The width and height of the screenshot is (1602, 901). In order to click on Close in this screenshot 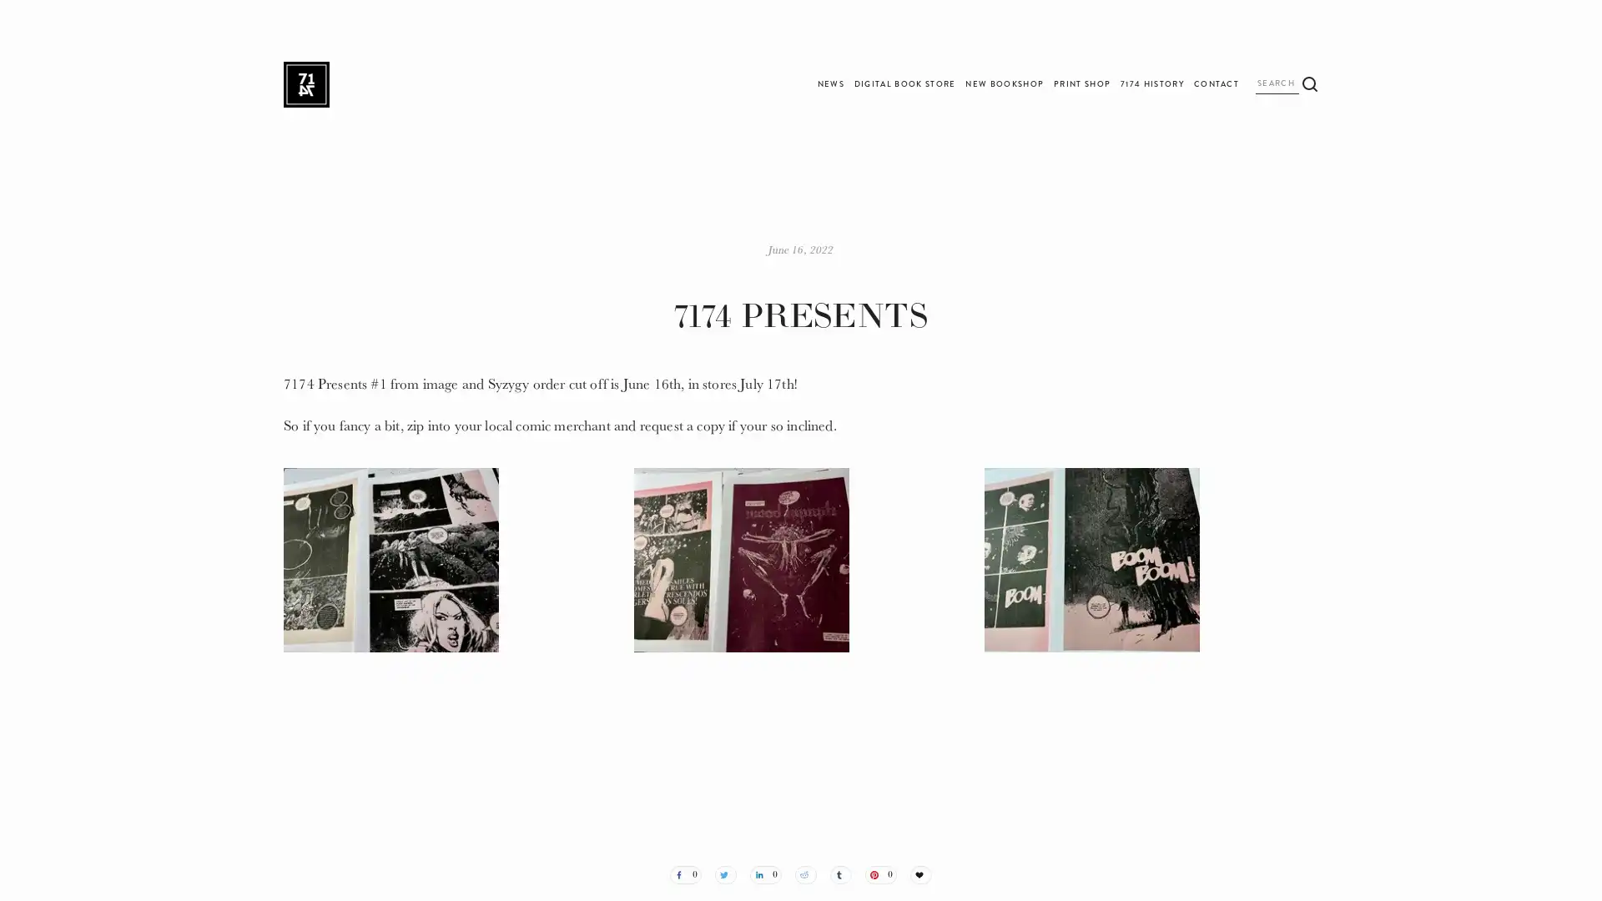, I will do `click(1038, 310)`.